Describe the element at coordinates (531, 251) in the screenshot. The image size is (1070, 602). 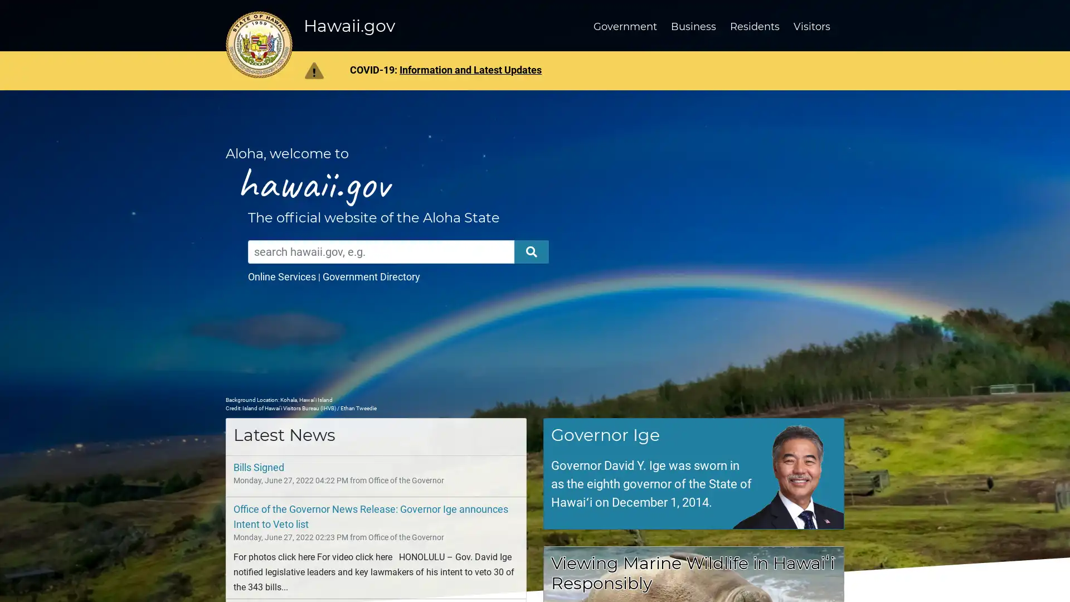
I see `Search` at that location.